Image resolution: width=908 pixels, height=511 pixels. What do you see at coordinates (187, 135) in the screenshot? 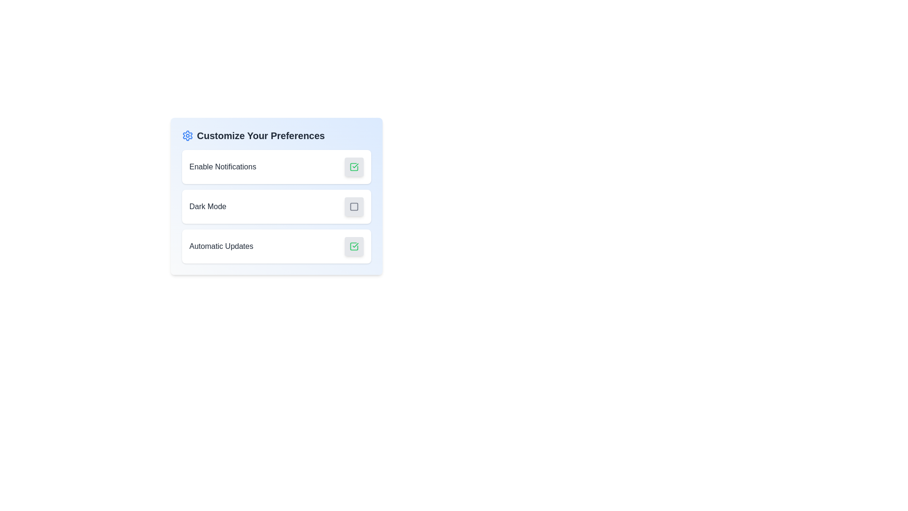
I see `the settings icon located to the left of the text 'Customize Your Preferences' in the top section of the settings panel` at bounding box center [187, 135].